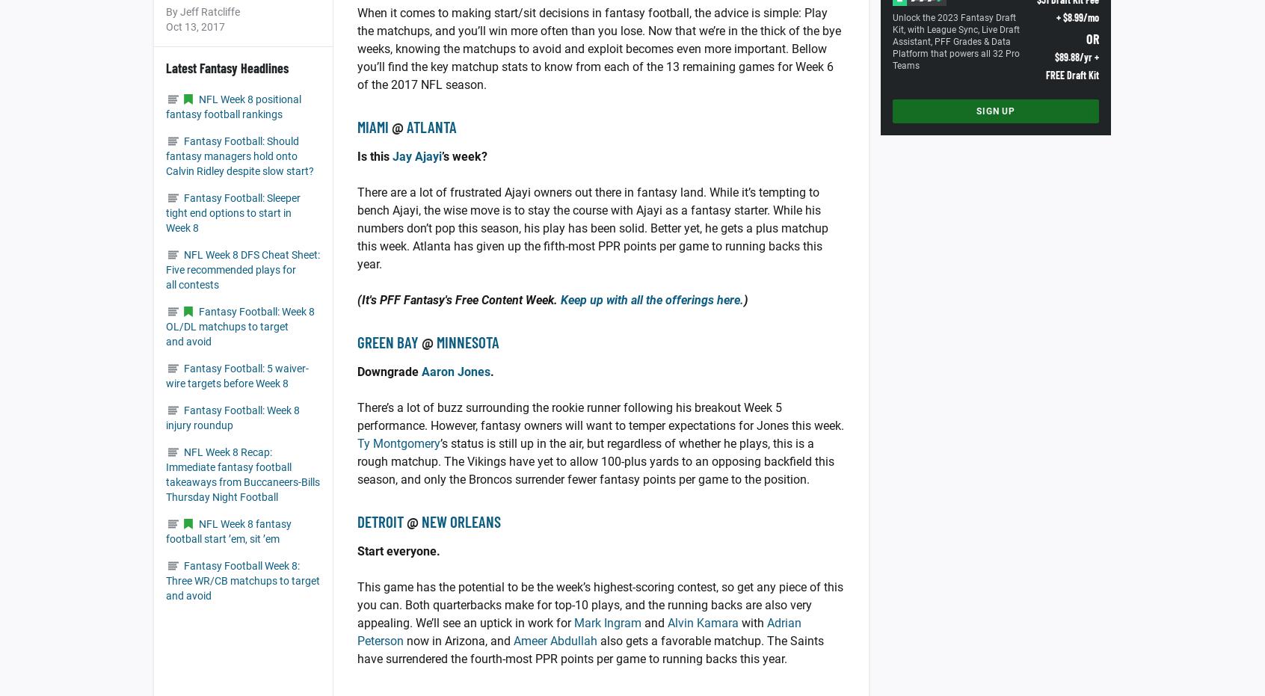 This screenshot has width=1265, height=696. What do you see at coordinates (1071, 66) in the screenshot?
I see `'$89.88/yr   + FREE Draft Kit'` at bounding box center [1071, 66].